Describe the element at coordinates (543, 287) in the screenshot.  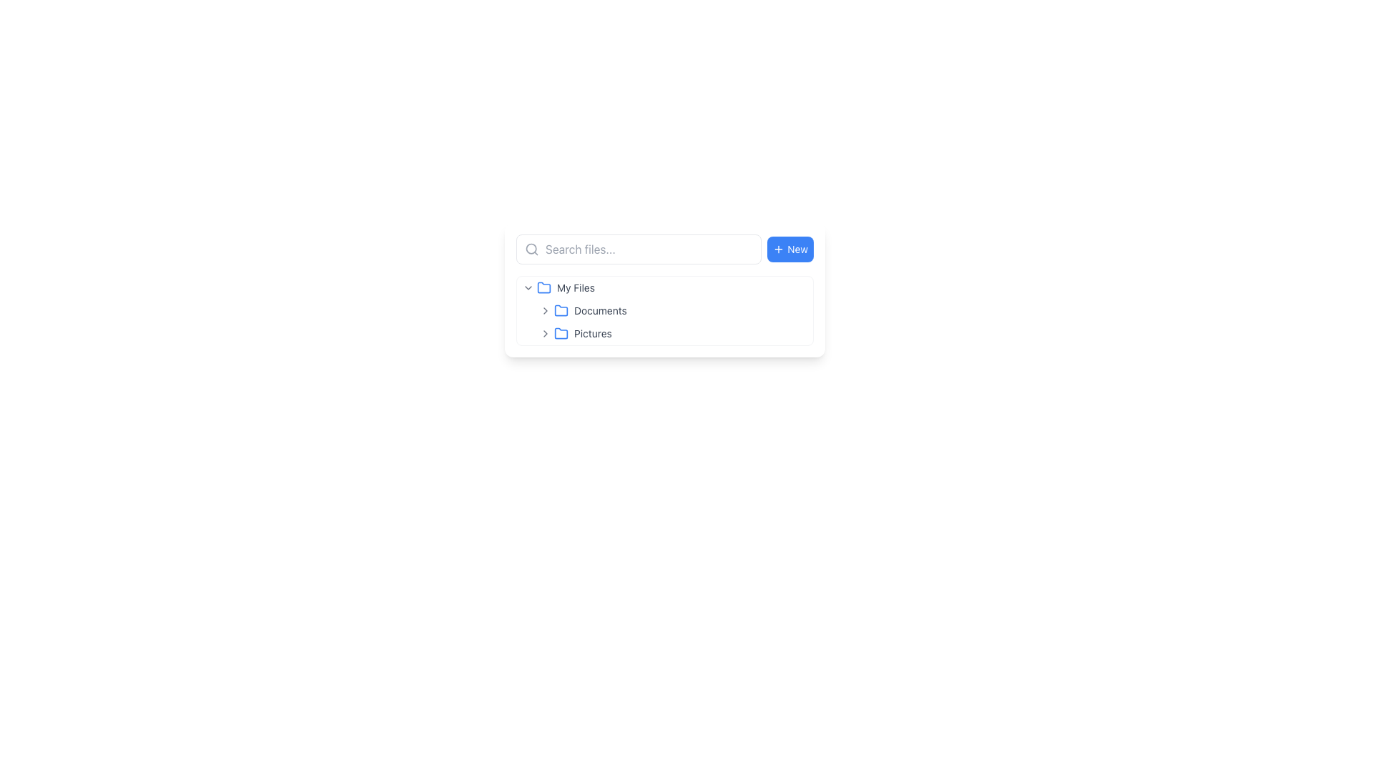
I see `the folder icon located to the left of the 'My Files' text in the file manager interface` at that location.